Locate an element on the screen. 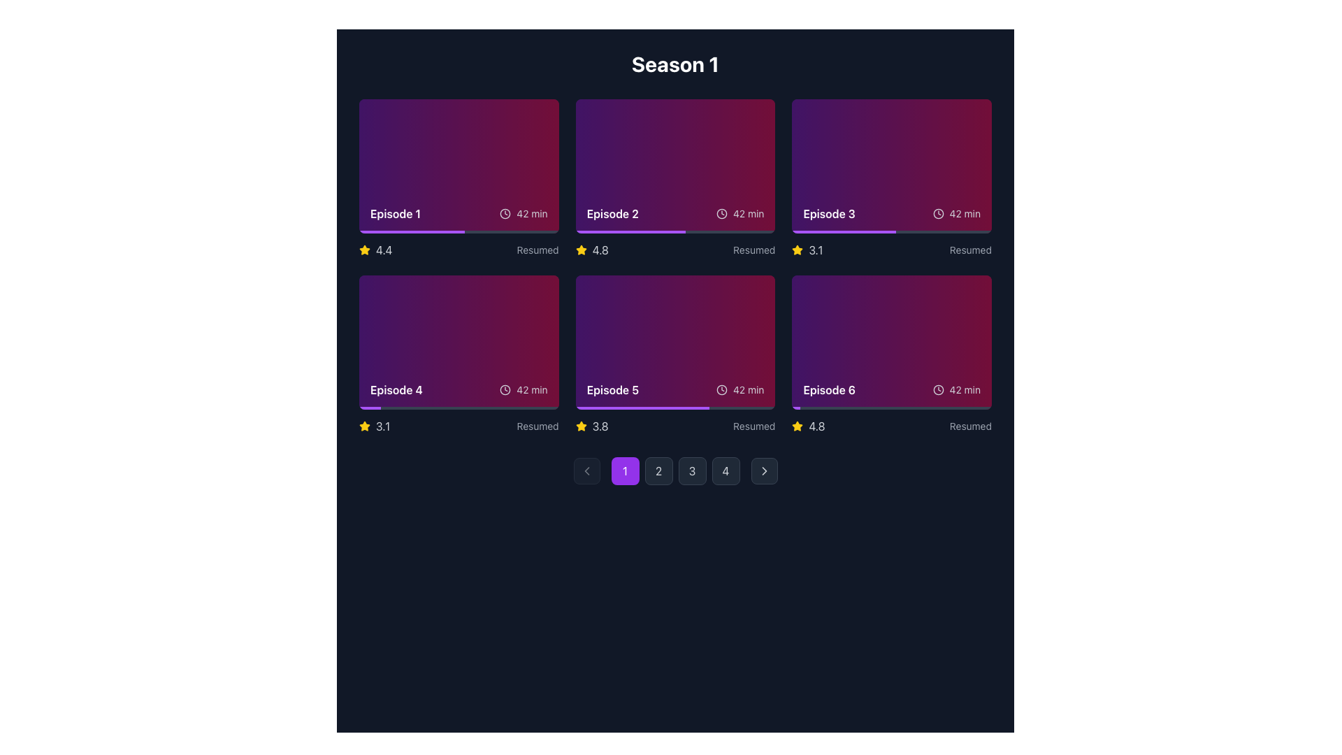  the top-left episode card in the grid representing an episode of a series is located at coordinates (459, 166).